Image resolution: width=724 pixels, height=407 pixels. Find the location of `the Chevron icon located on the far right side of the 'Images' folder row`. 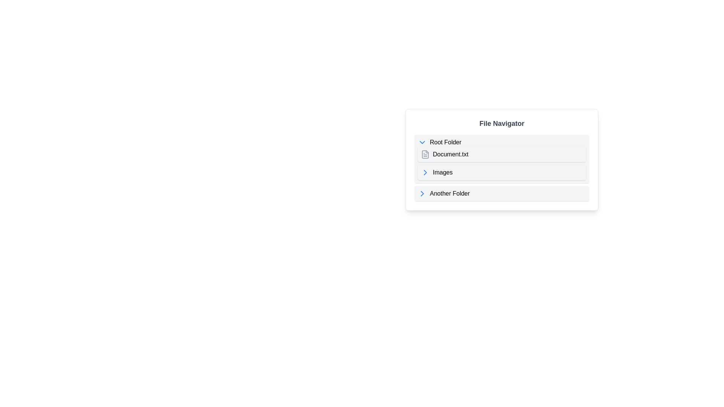

the Chevron icon located on the far right side of the 'Images' folder row is located at coordinates (425, 173).